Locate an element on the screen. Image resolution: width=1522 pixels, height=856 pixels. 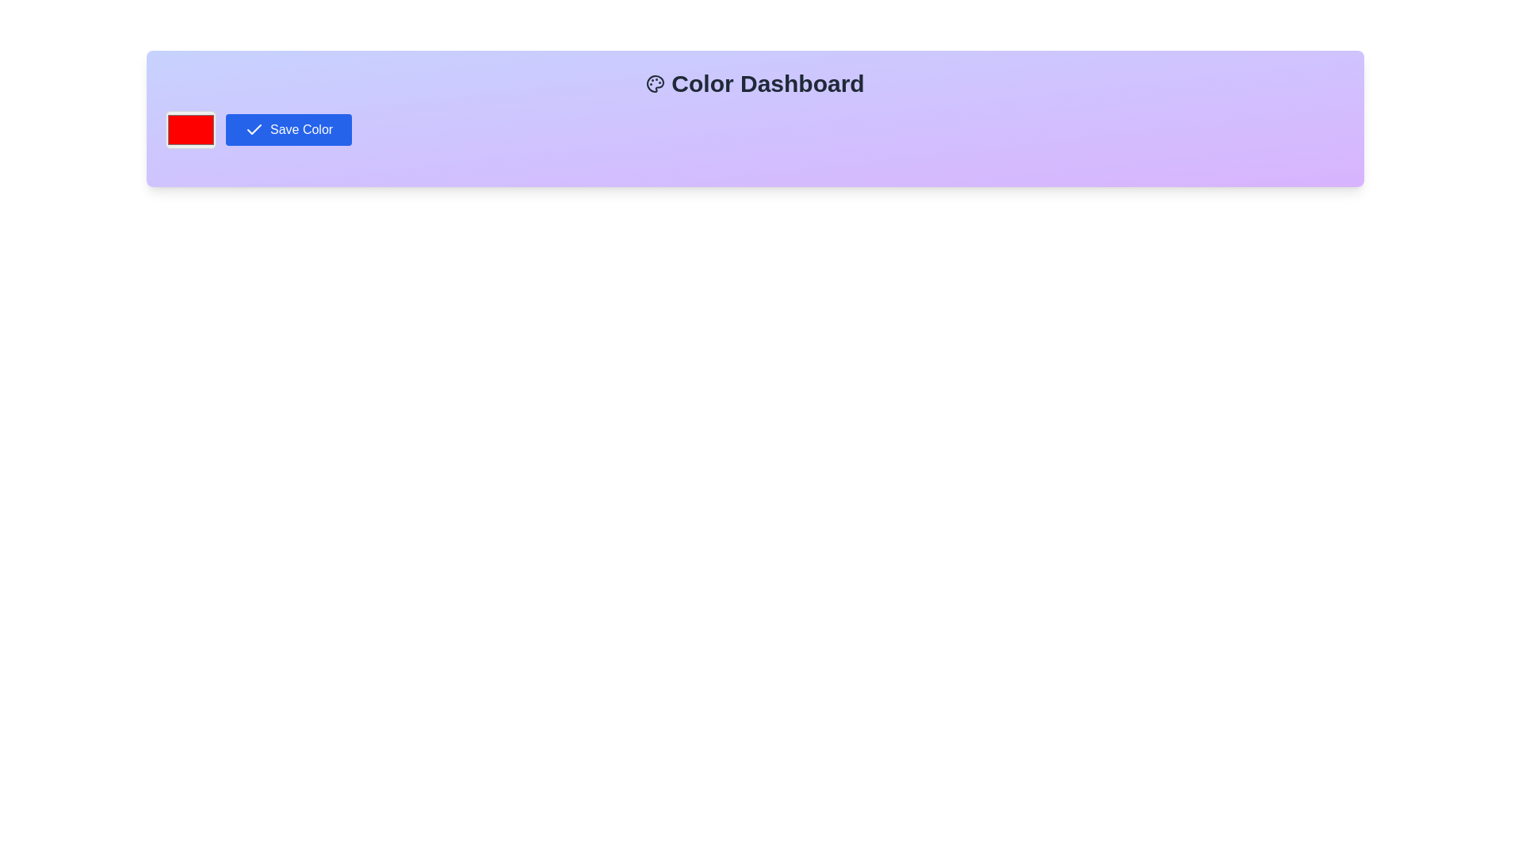
the color palette icon located in the navigation bar preceding the text 'Color Dashboard' is located at coordinates (656, 83).